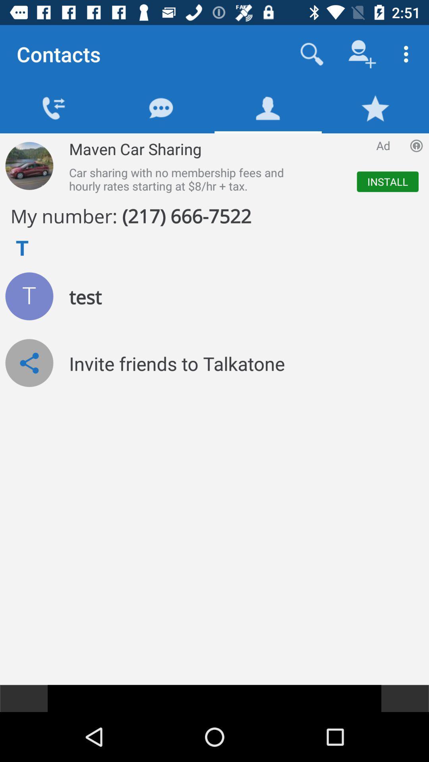 Image resolution: width=429 pixels, height=762 pixels. I want to click on user 's profile picture, so click(29, 296).